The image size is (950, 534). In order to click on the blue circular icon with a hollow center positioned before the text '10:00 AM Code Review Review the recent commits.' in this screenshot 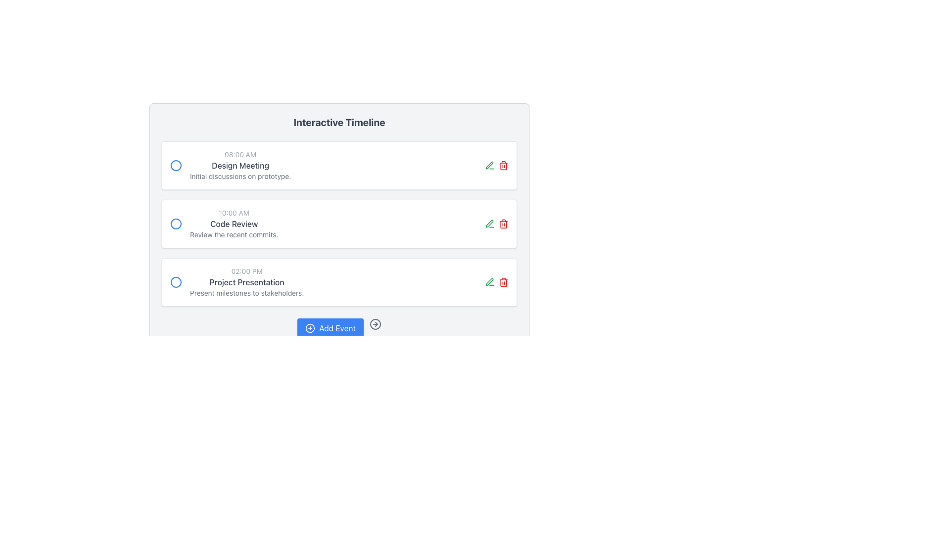, I will do `click(176, 223)`.